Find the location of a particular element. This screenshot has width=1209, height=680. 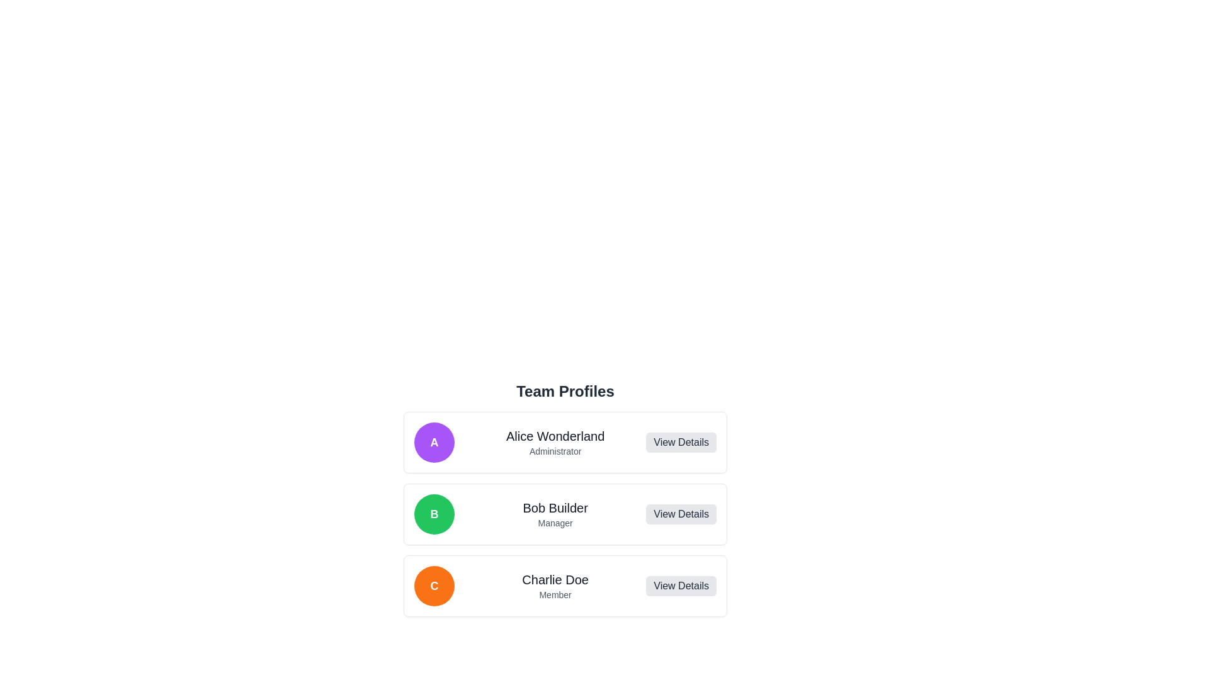

the button providing additional details for the 'Bob Builder' profile, located at the far right side of the profile block with the subtitle 'Manager' is located at coordinates (681, 514).